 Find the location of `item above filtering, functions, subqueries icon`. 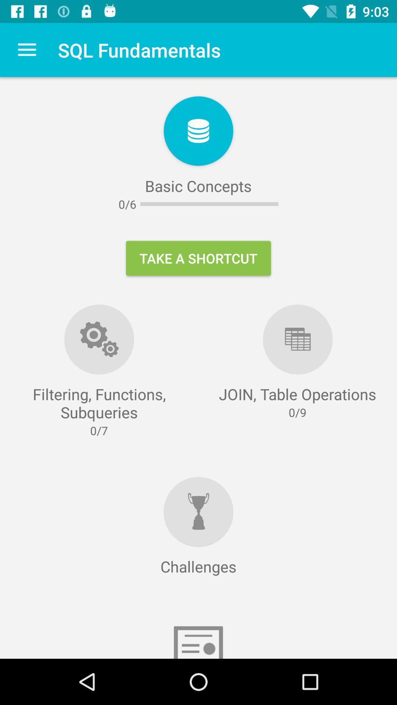

item above filtering, functions, subqueries icon is located at coordinates (26, 50).